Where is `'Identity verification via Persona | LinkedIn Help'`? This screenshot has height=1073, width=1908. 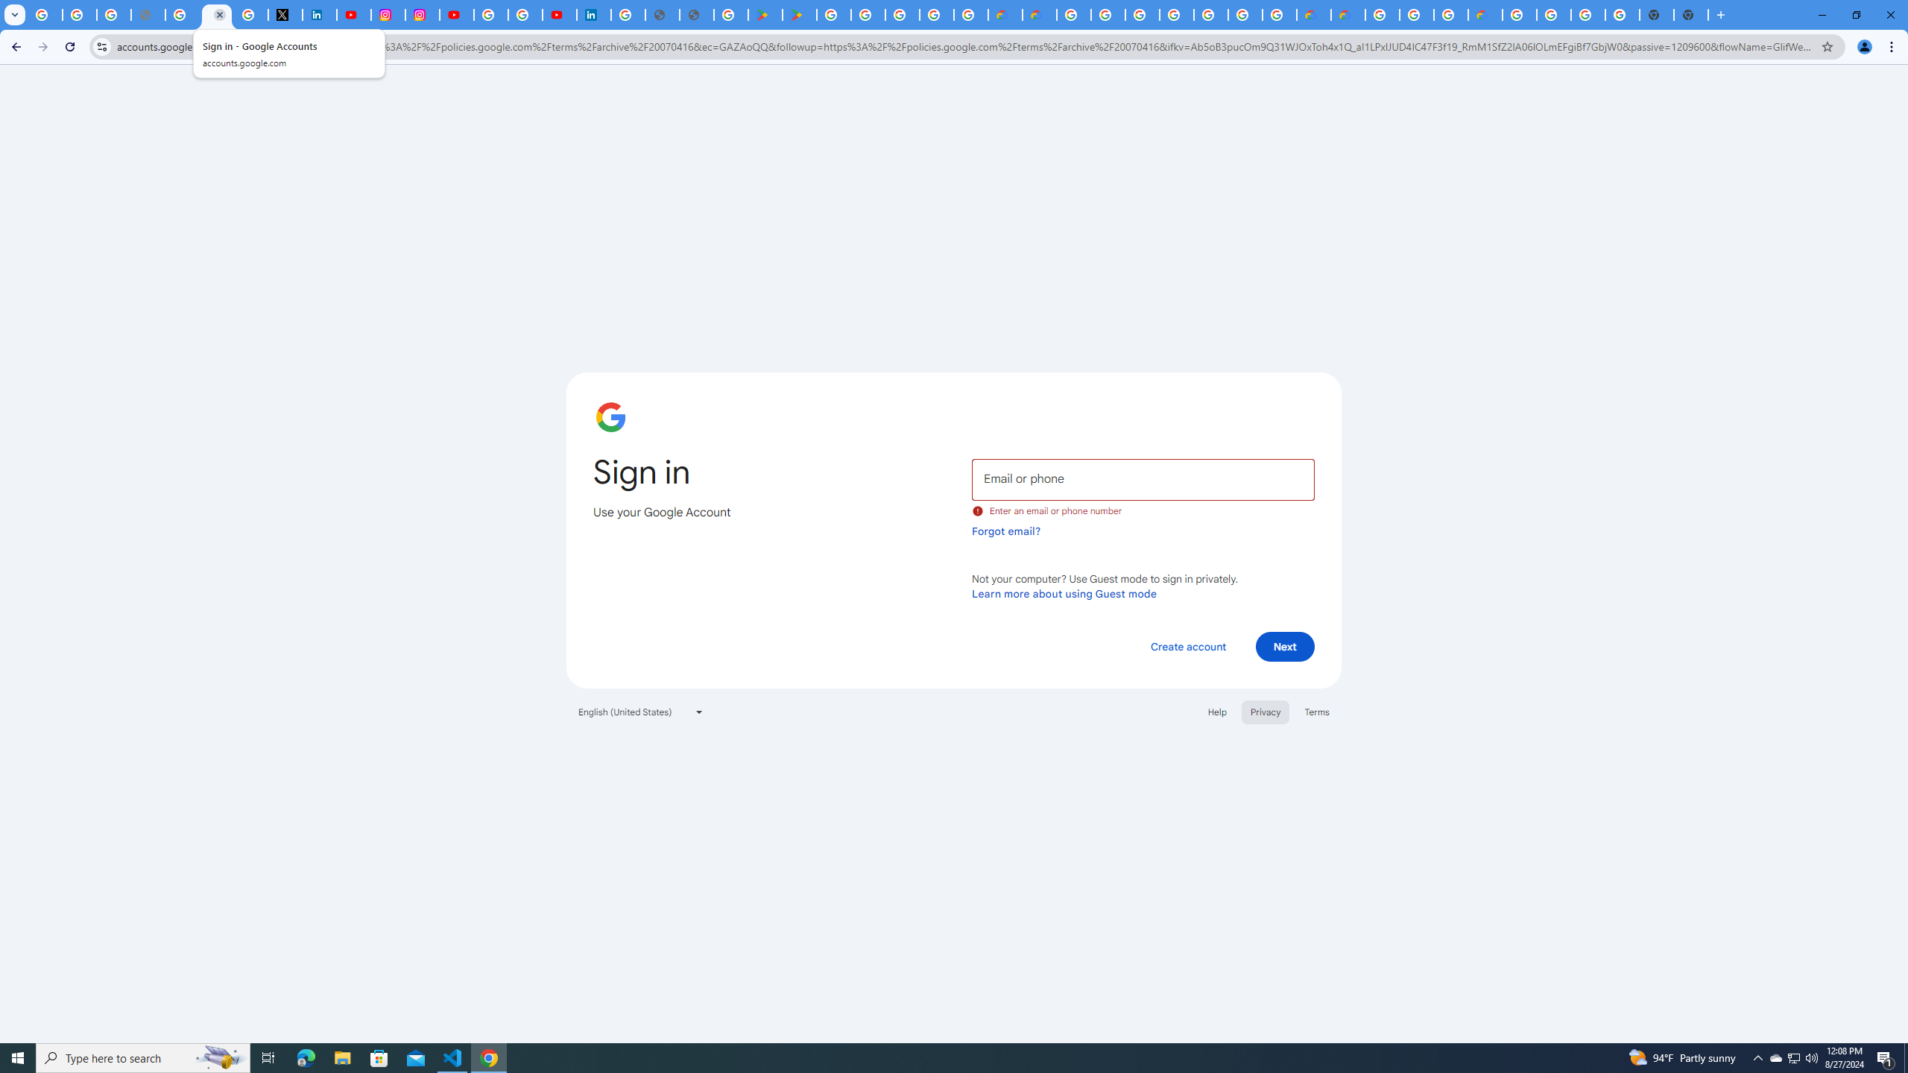 'Identity verification via Persona | LinkedIn Help' is located at coordinates (593, 14).